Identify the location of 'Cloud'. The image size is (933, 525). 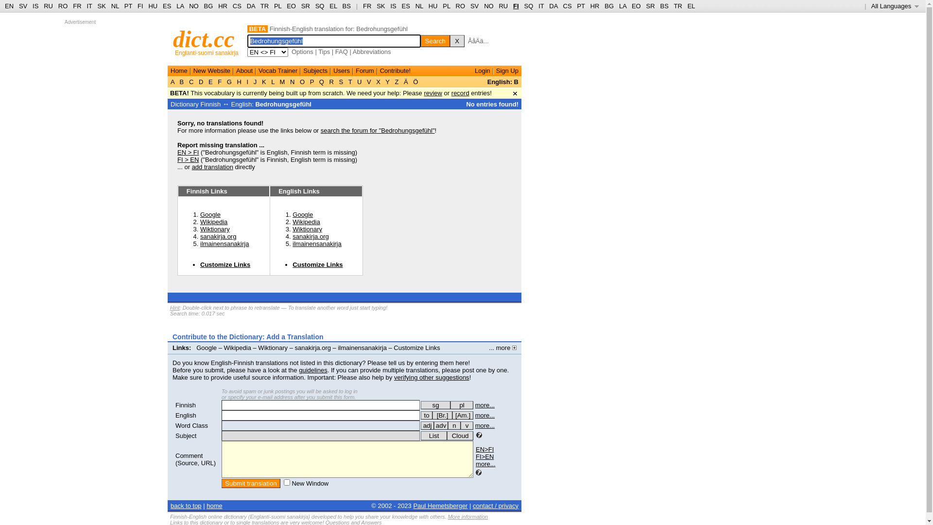
(459, 435).